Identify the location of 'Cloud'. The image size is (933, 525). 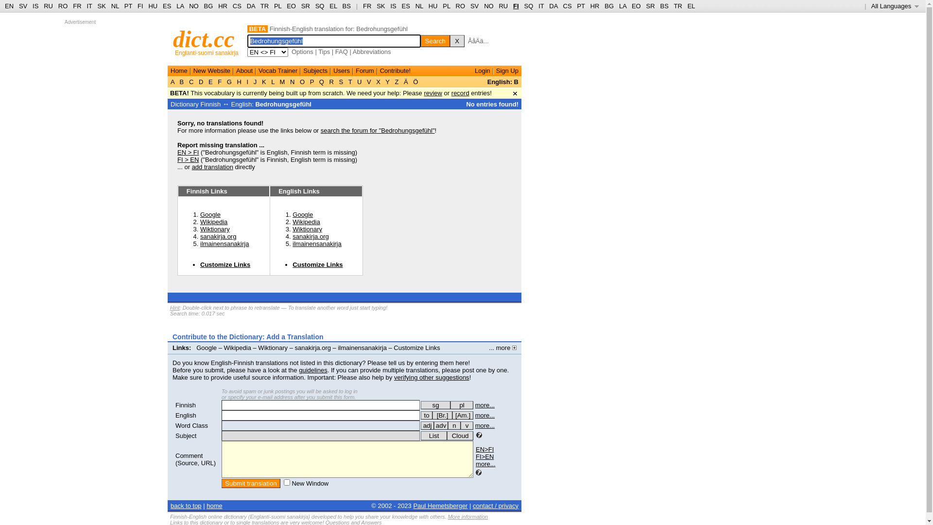
(459, 435).